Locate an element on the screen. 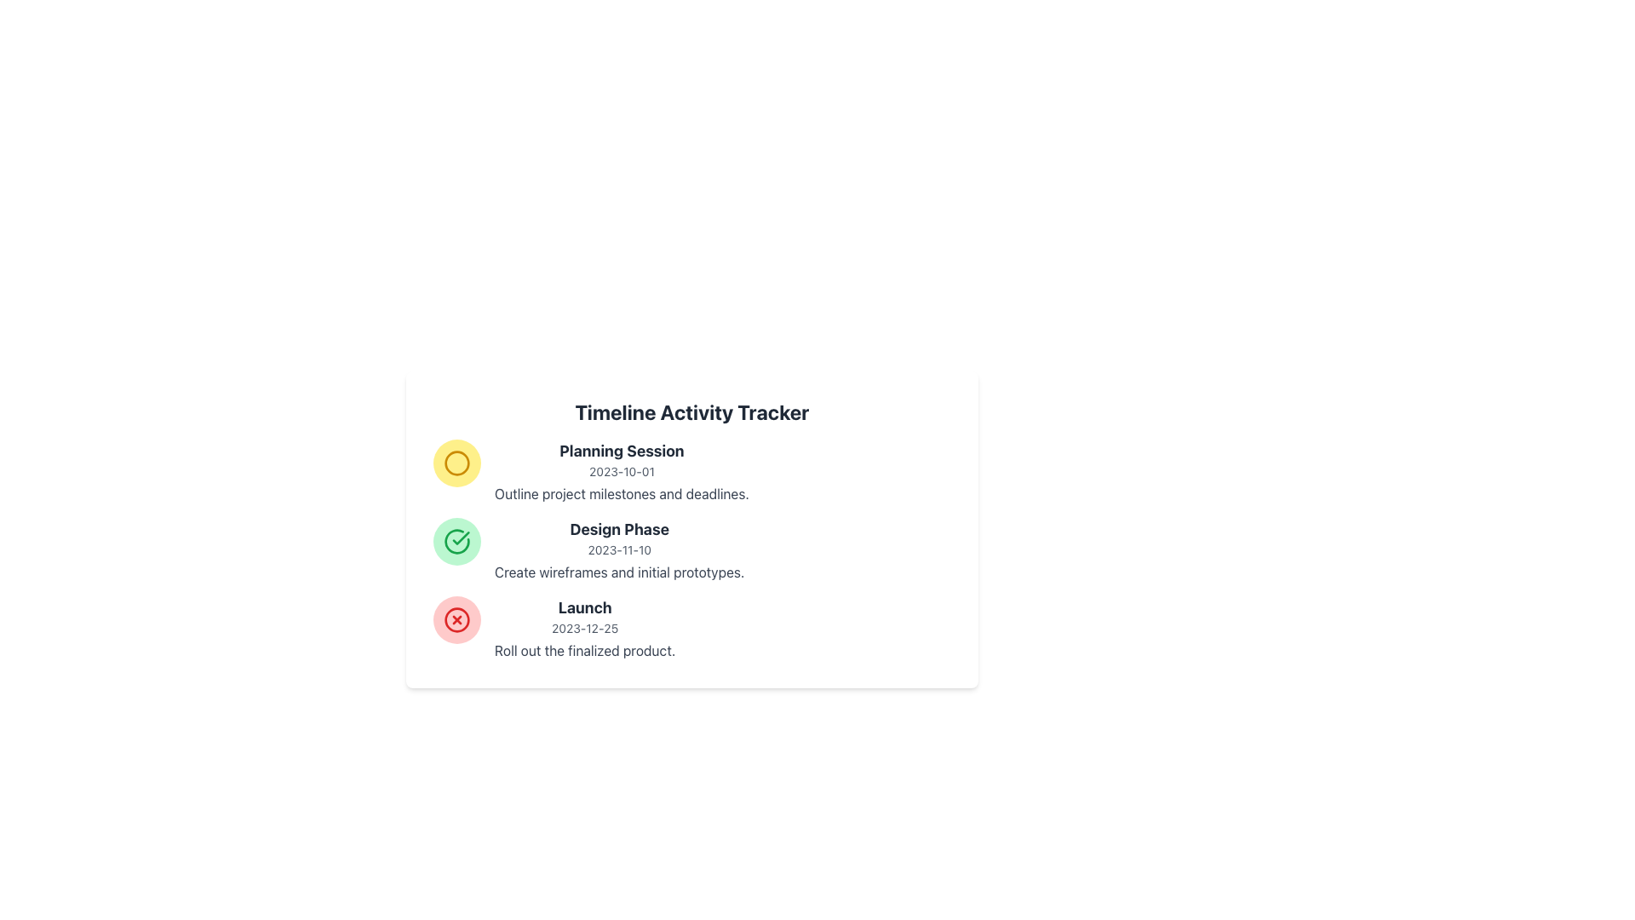  the circular icon with a yellow fill and orange border located at the upper-left corner of the 'Timeline Activity Tracker' section, preceding the label 'Planning Session' is located at coordinates (457, 463).